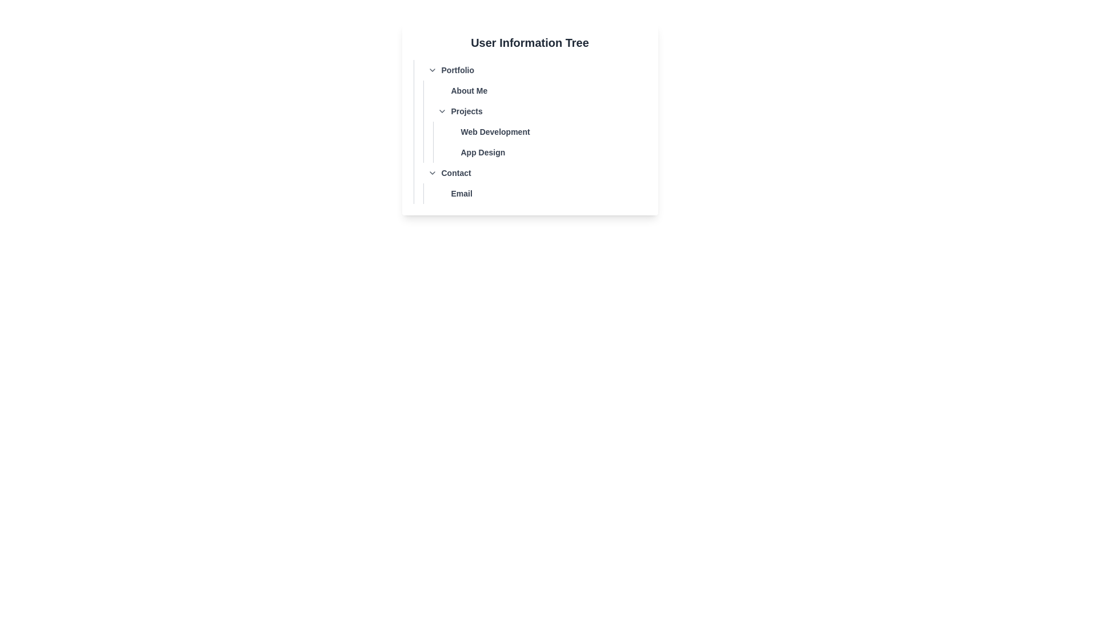 Image resolution: width=1097 pixels, height=617 pixels. I want to click on the 'About Me' navigation entry in the vertical navigation tree, so click(534, 90).